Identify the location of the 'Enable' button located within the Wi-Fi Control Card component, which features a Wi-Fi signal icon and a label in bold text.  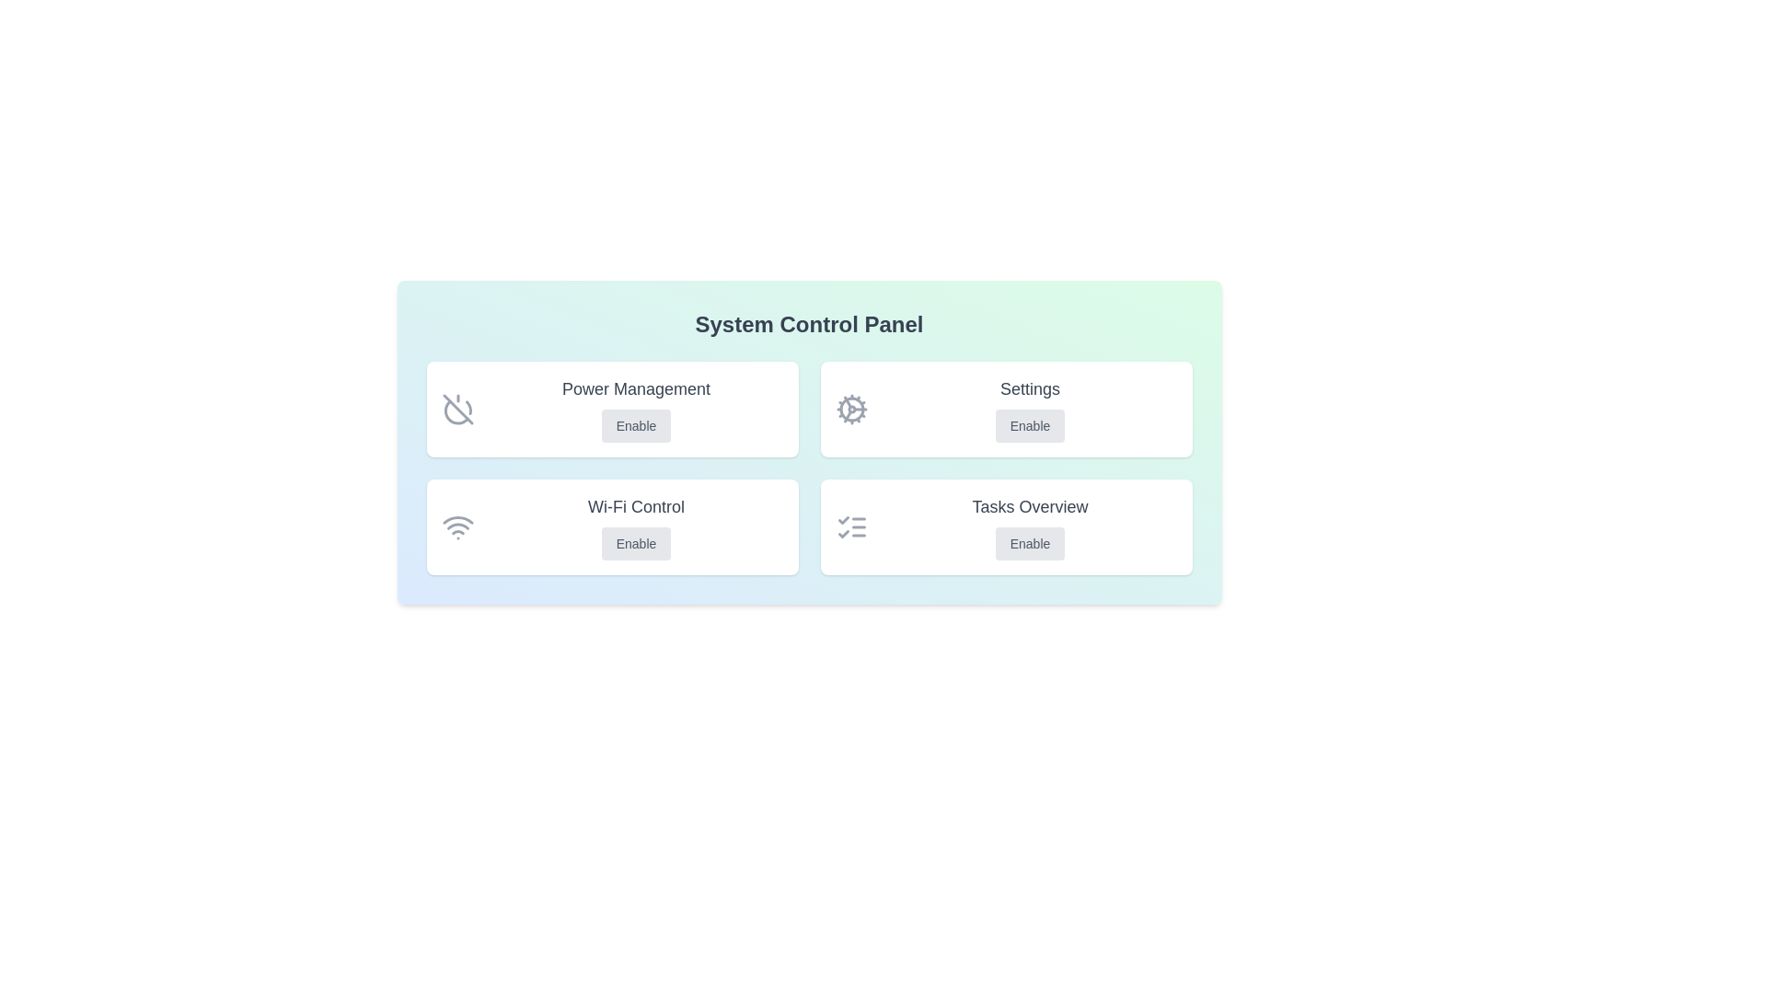
(612, 527).